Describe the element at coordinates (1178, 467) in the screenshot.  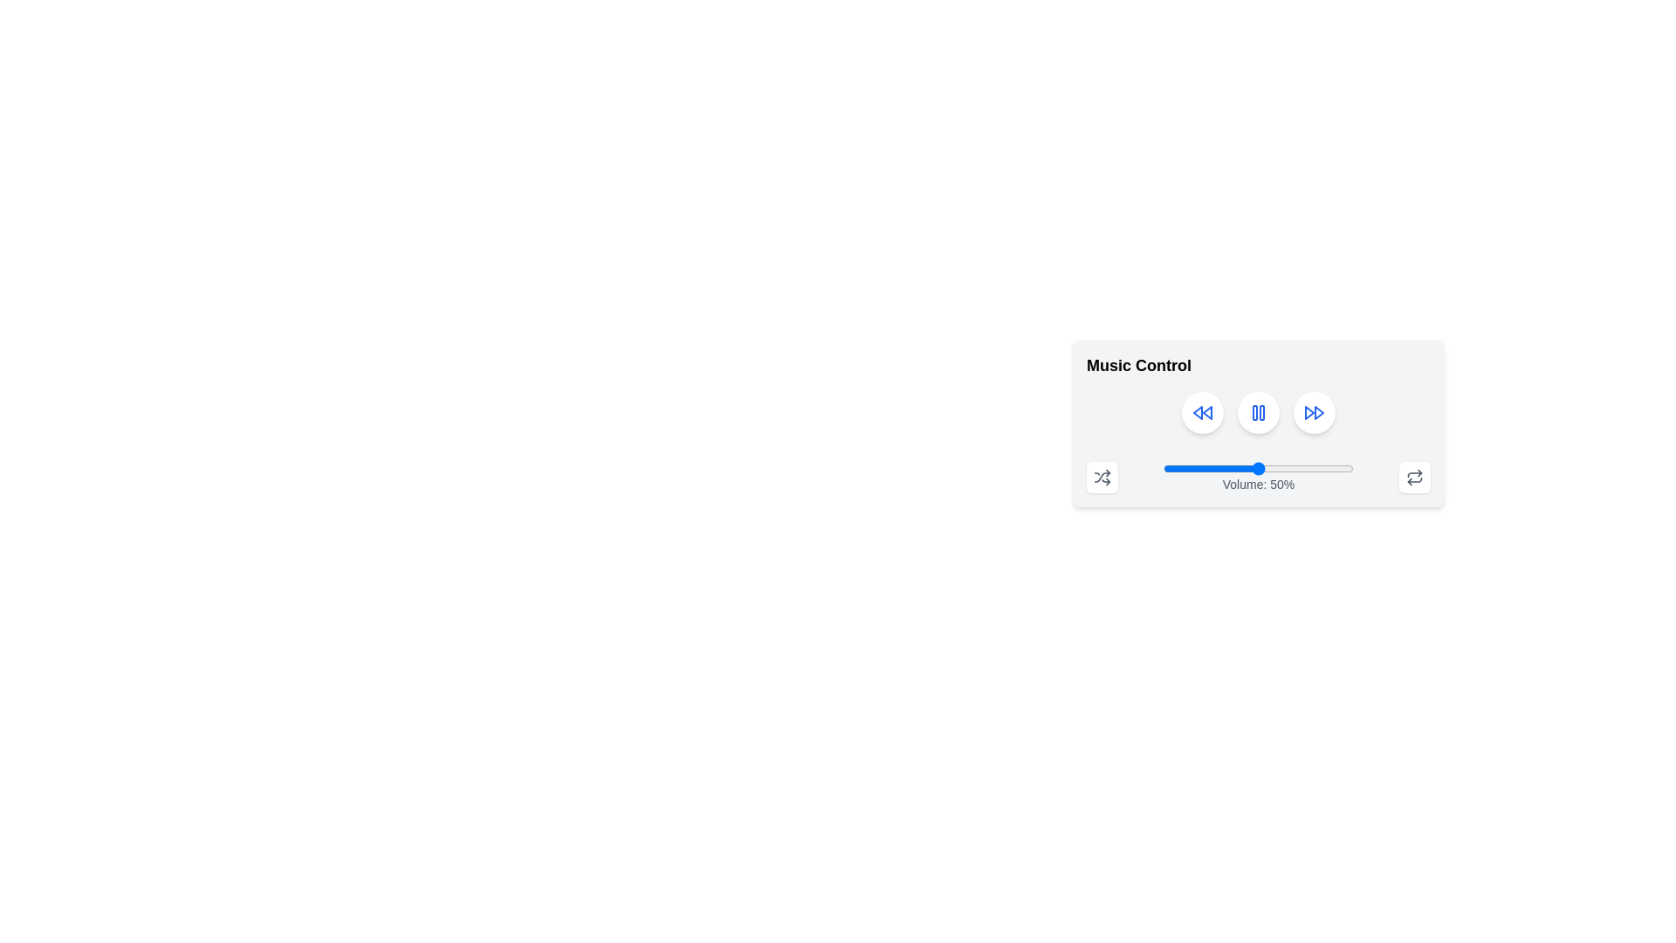
I see `the volume` at that location.